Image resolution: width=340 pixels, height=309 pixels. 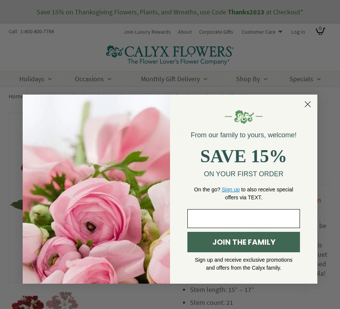 What do you see at coordinates (211, 302) in the screenshot?
I see `'Stem count: 21'` at bounding box center [211, 302].